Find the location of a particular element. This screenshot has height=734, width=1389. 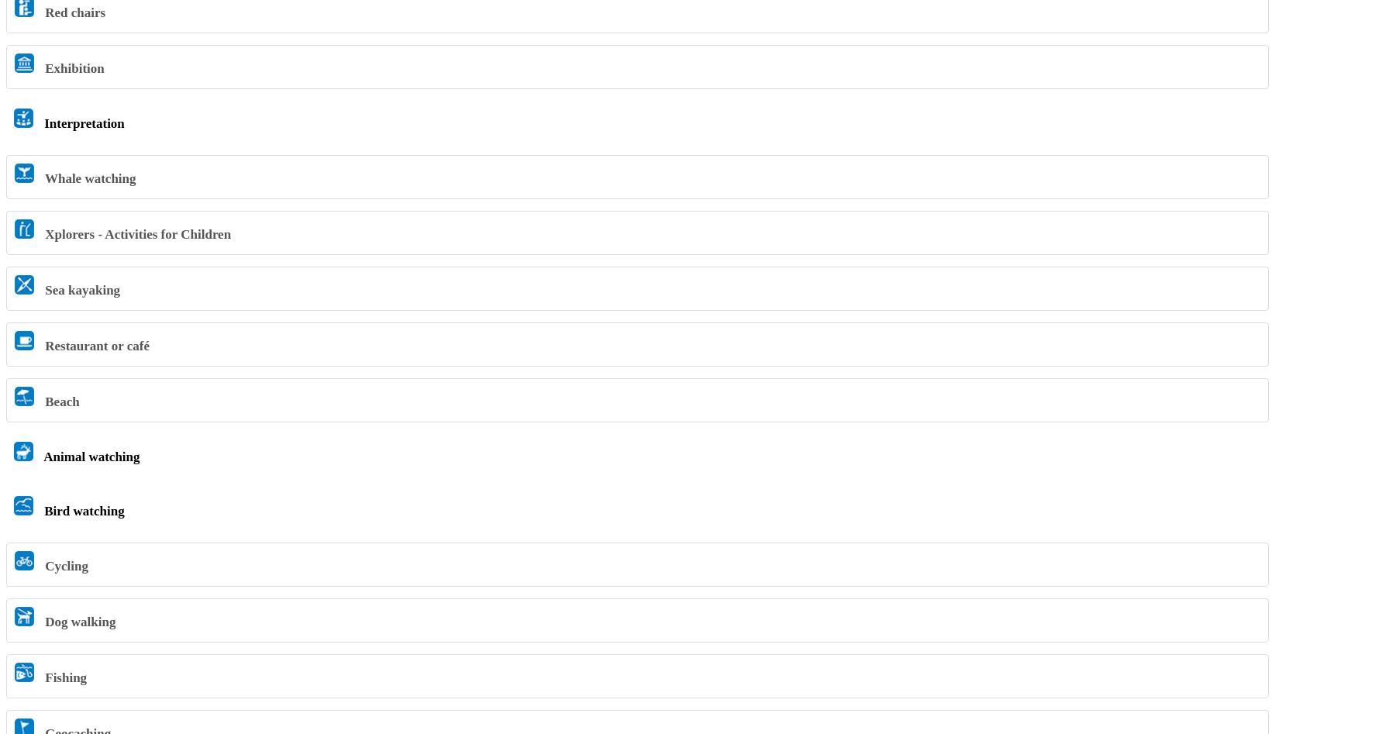

'Restaurant or café' is located at coordinates (94, 345).